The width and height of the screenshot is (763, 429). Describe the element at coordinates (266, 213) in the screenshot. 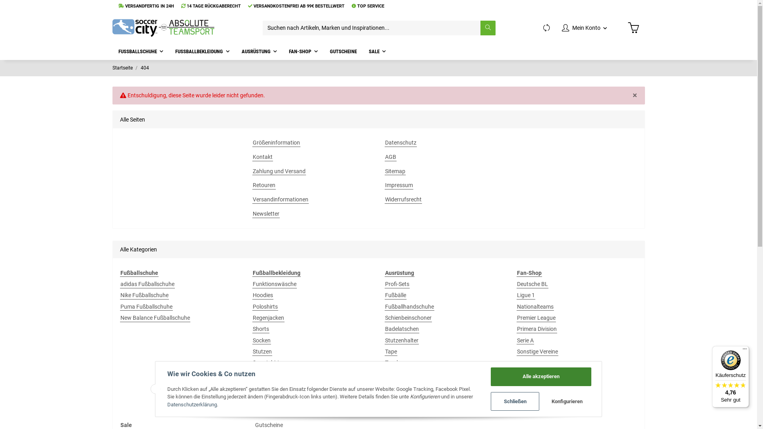

I see `'Newsletter'` at that location.